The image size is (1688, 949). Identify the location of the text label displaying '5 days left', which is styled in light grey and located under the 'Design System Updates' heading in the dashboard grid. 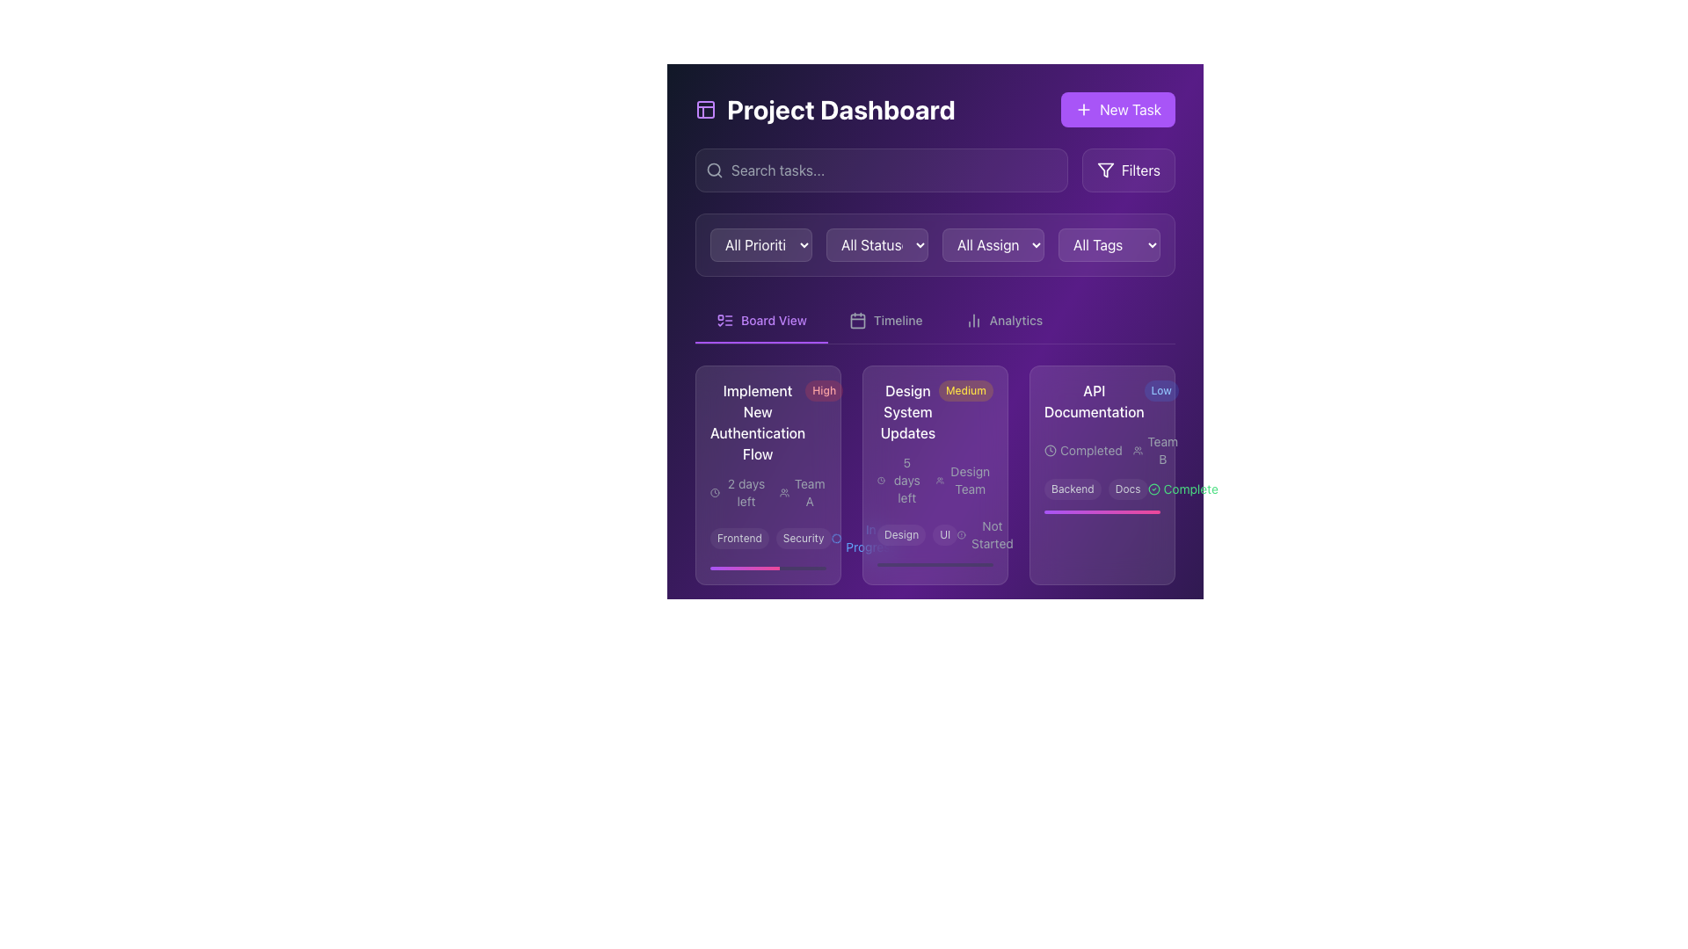
(901, 481).